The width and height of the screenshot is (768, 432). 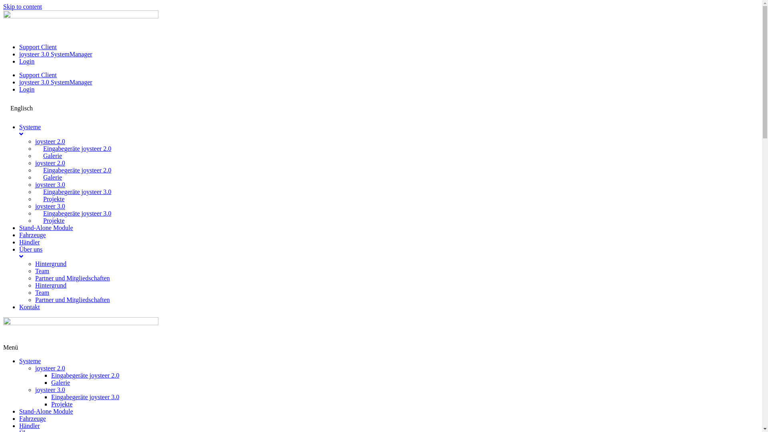 I want to click on 'Projekte', so click(x=43, y=220).